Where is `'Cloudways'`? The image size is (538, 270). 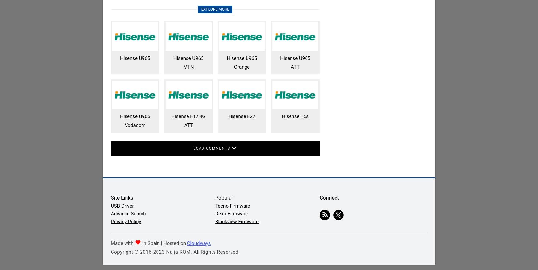 'Cloudways' is located at coordinates (198, 243).